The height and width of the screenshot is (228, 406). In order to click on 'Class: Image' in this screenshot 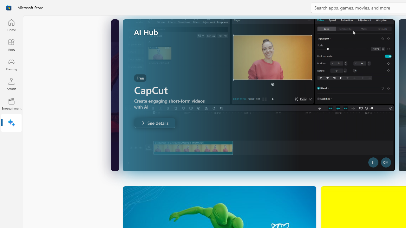, I will do `click(9, 8)`.